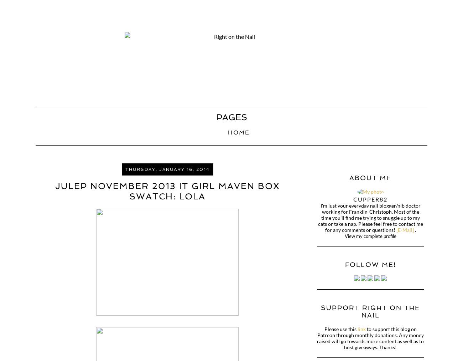 Image resolution: width=463 pixels, height=361 pixels. I want to click on 'Julep November 2013 It Girl Maven Box Swatch: Lola', so click(167, 190).